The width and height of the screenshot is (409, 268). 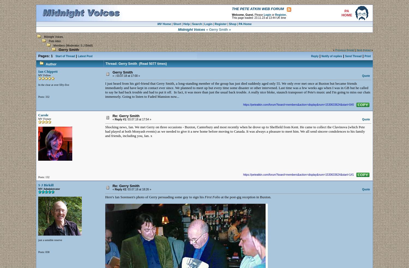 I want to click on 'Send Thread', so click(x=353, y=56).